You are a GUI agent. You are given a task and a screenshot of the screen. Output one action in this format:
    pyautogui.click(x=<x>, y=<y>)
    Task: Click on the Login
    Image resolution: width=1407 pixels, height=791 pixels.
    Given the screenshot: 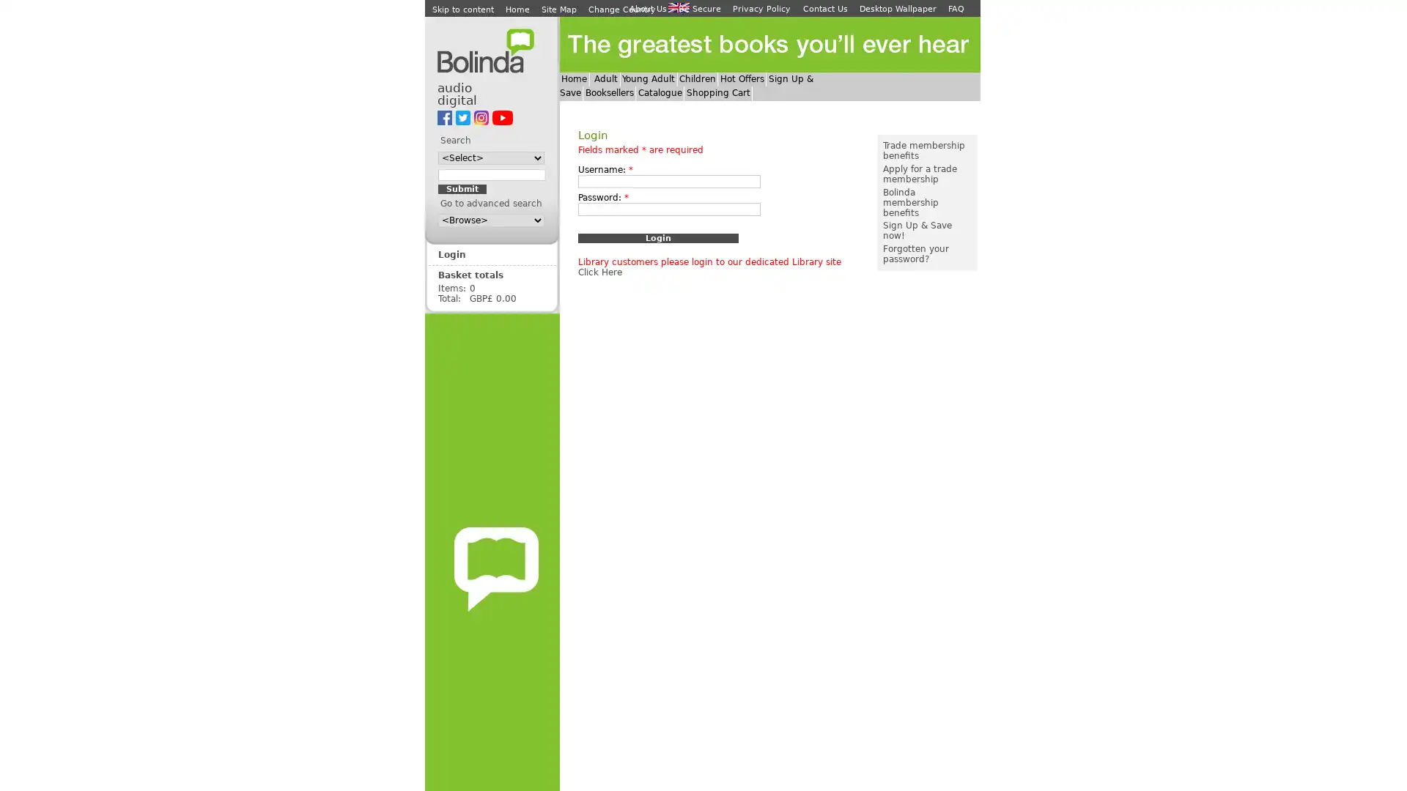 What is the action you would take?
    pyautogui.click(x=657, y=237)
    